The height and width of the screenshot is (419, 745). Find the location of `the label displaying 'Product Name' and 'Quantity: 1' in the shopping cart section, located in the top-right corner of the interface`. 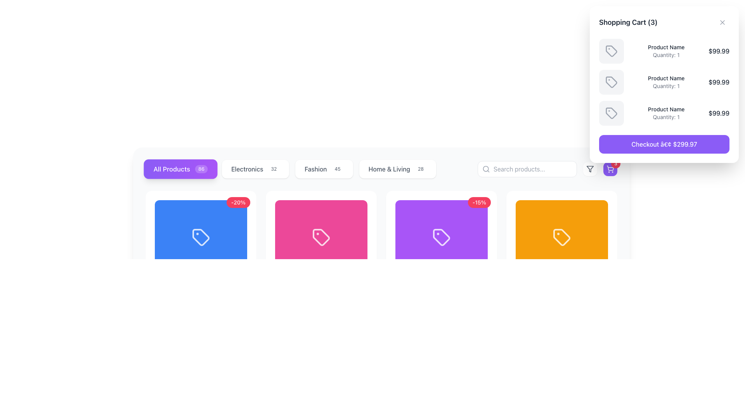

the label displaying 'Product Name' and 'Quantity: 1' in the shopping cart section, located in the top-right corner of the interface is located at coordinates (666, 51).